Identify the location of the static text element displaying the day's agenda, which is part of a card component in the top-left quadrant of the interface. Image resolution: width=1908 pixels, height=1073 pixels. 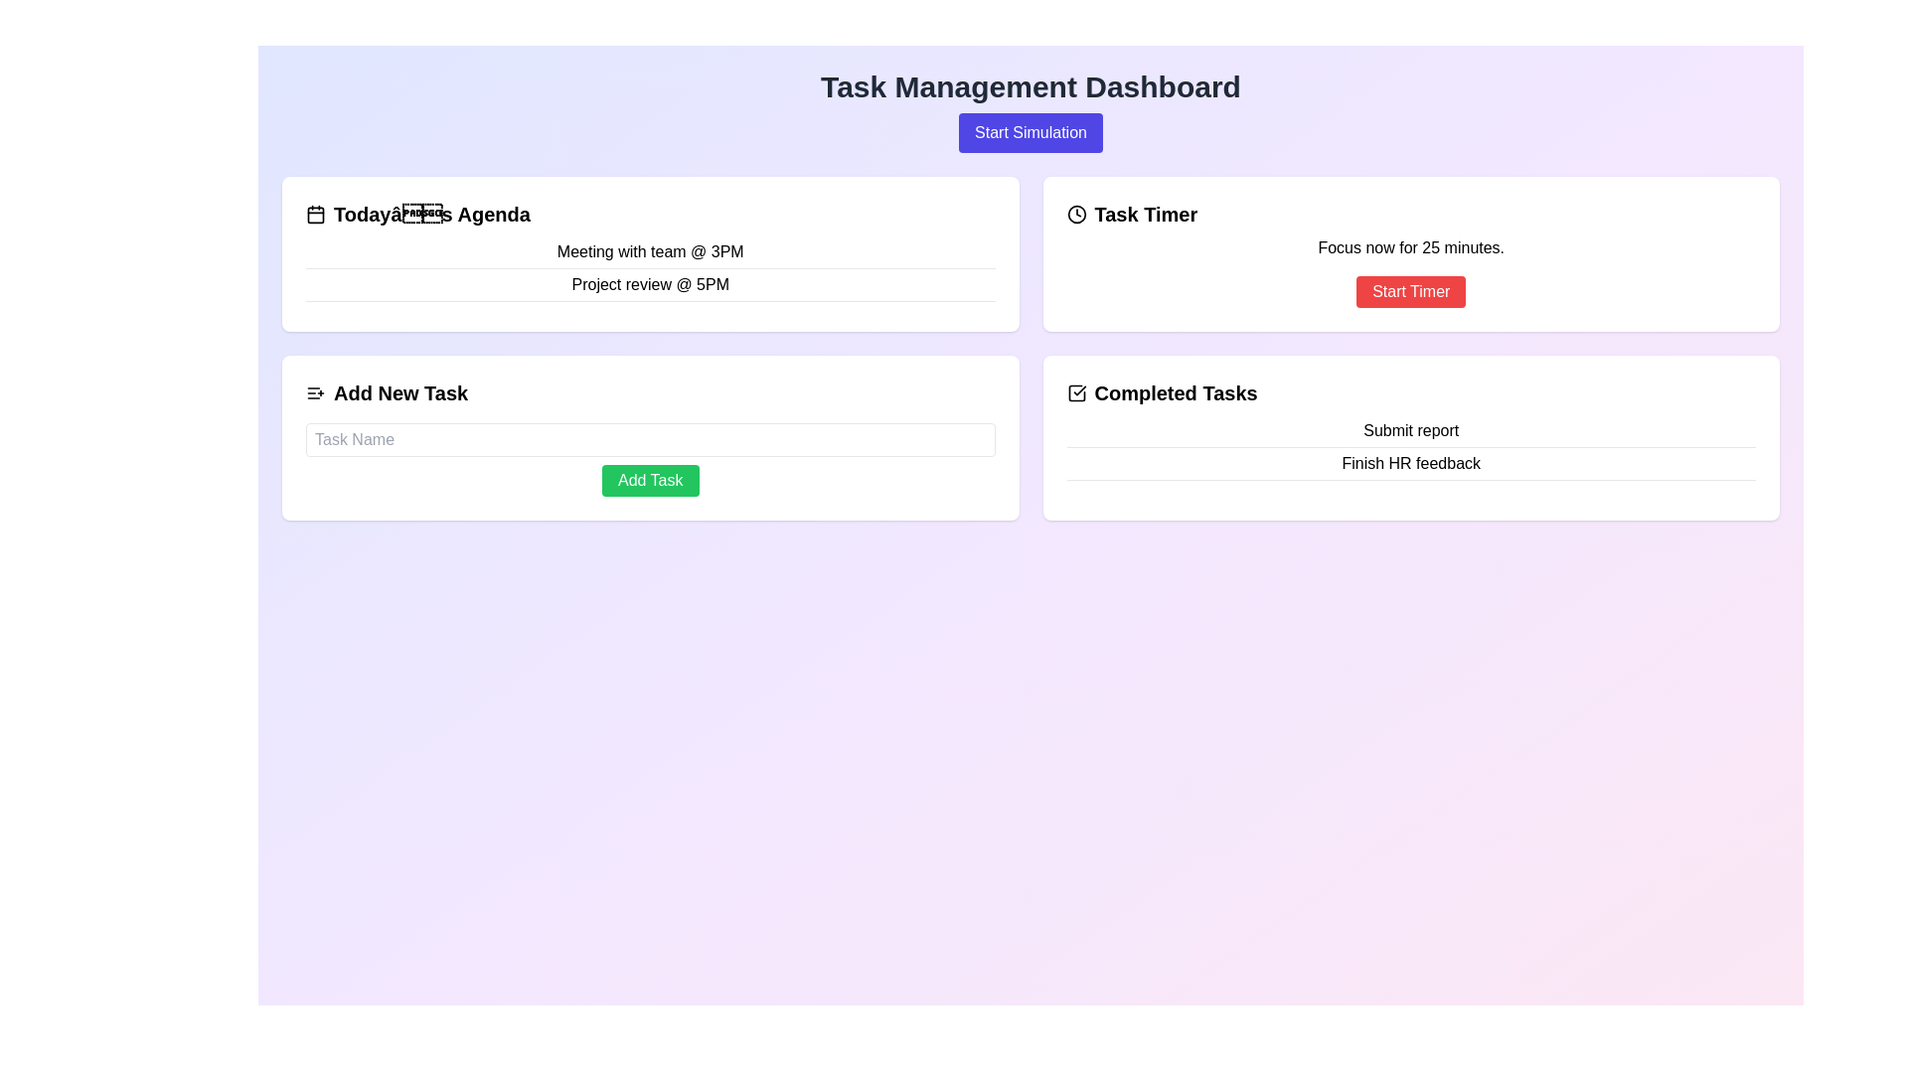
(650, 250).